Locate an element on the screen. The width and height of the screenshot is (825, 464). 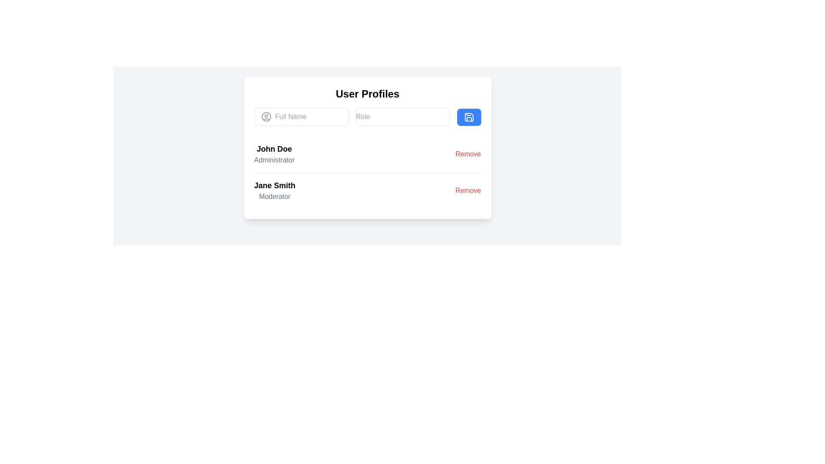
the hyperlink is located at coordinates (467, 153).